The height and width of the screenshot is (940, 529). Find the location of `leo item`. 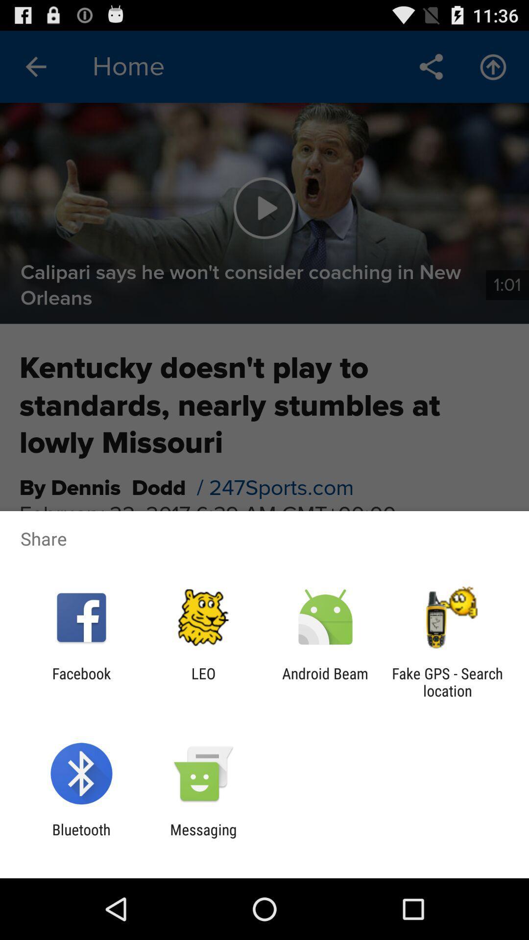

leo item is located at coordinates (203, 681).